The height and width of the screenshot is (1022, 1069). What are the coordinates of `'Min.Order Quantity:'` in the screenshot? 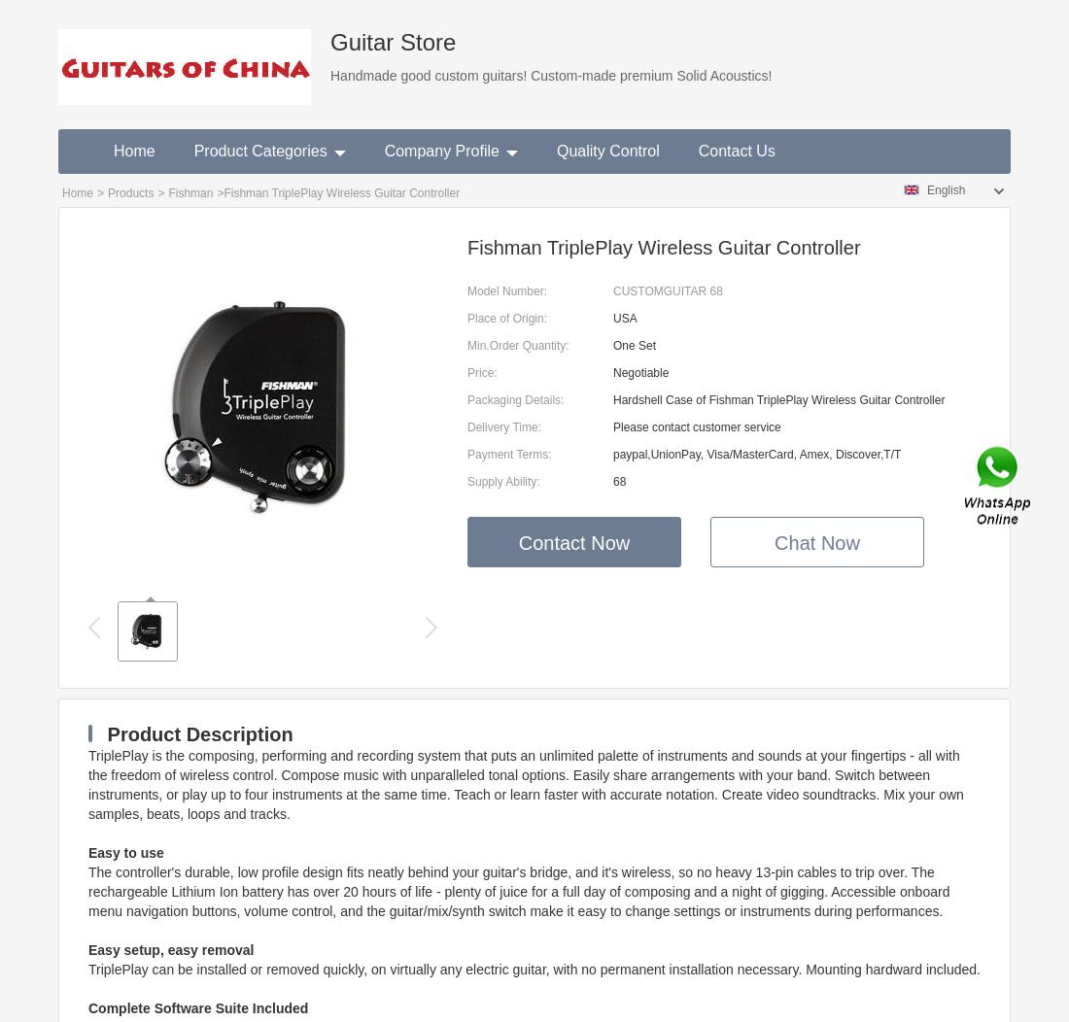 It's located at (517, 345).